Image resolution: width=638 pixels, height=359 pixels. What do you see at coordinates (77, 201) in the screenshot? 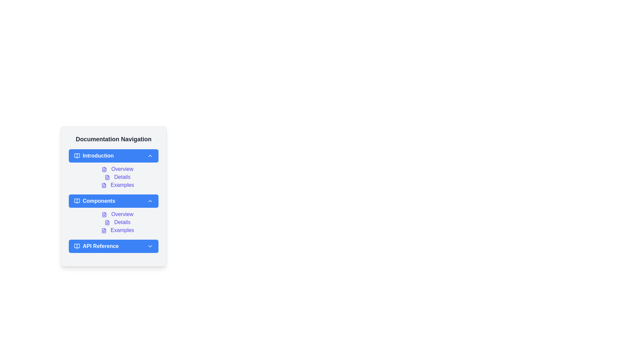
I see `the vector graphic icon resembling an open book located in the sidebar navigation menu next to the 'Components' header` at bounding box center [77, 201].